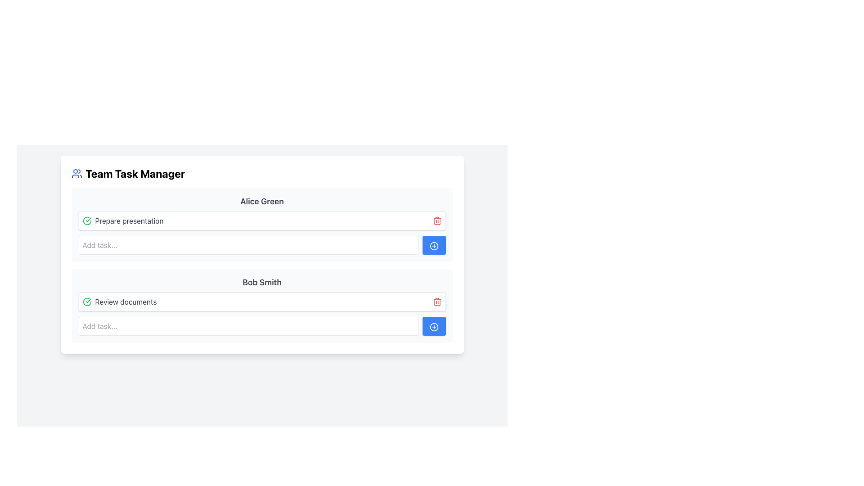 The image size is (864, 486). I want to click on the Circular Button located in the bottom-right corner of the 'Add task...' input field within the 'Bob Smith' section, so click(434, 327).